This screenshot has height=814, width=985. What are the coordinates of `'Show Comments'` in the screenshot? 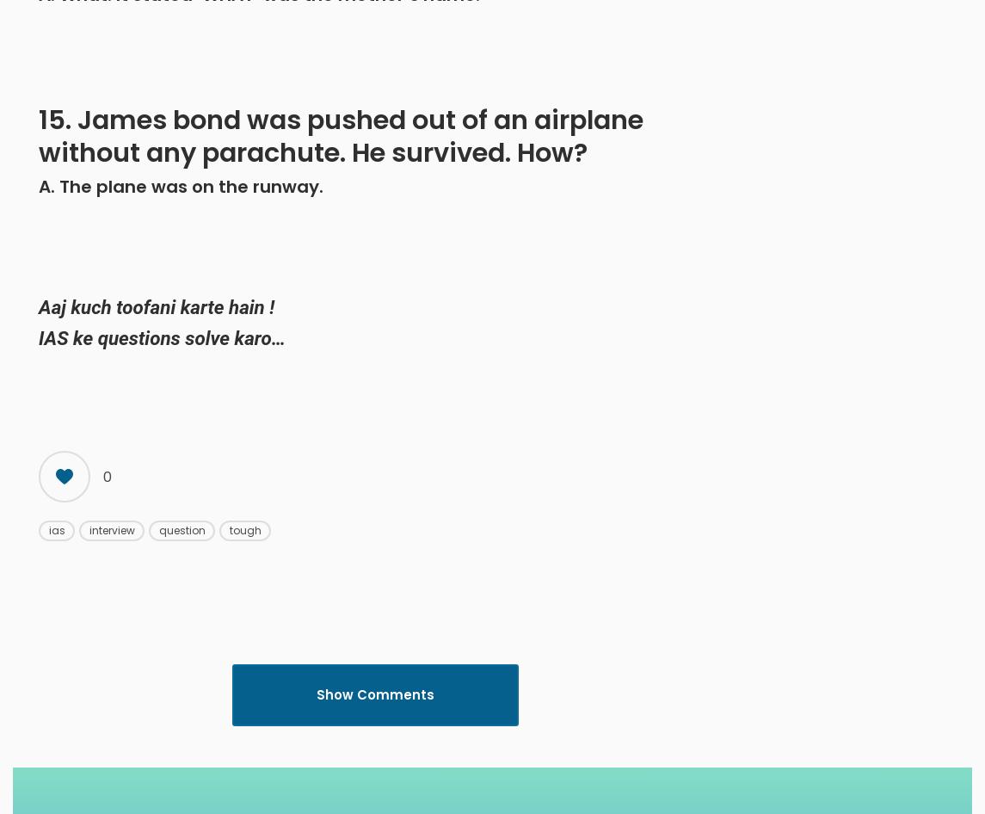 It's located at (316, 694).